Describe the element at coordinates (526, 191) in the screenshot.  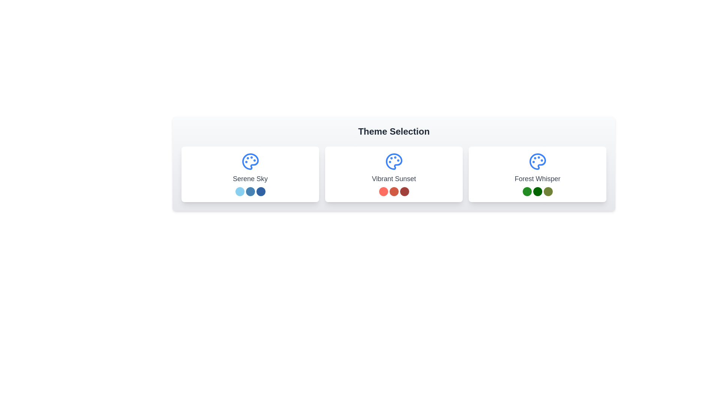
I see `the first color indicator circle representing the 'Forest Whisper' theme, which is positioned below the title 'Forest Whisper' in the theme selection section` at that location.